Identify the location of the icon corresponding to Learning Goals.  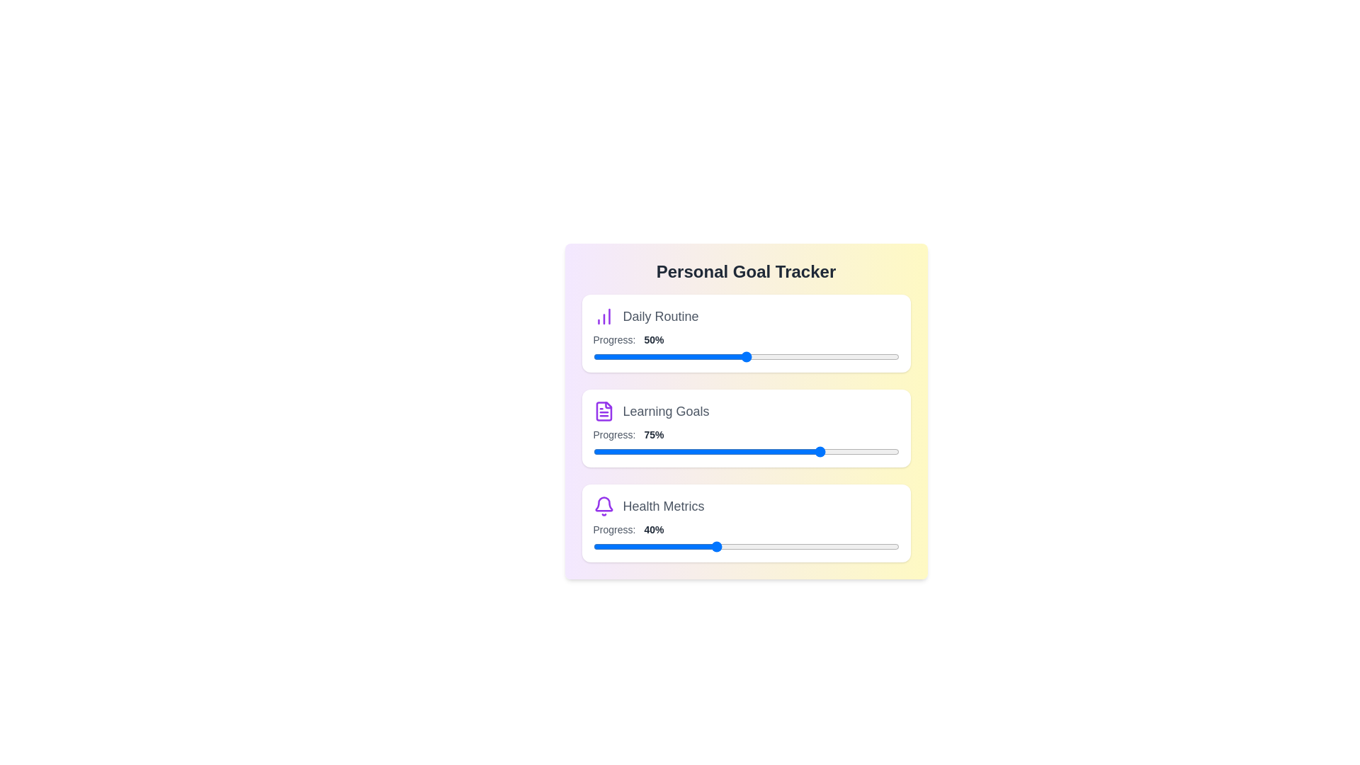
(603, 412).